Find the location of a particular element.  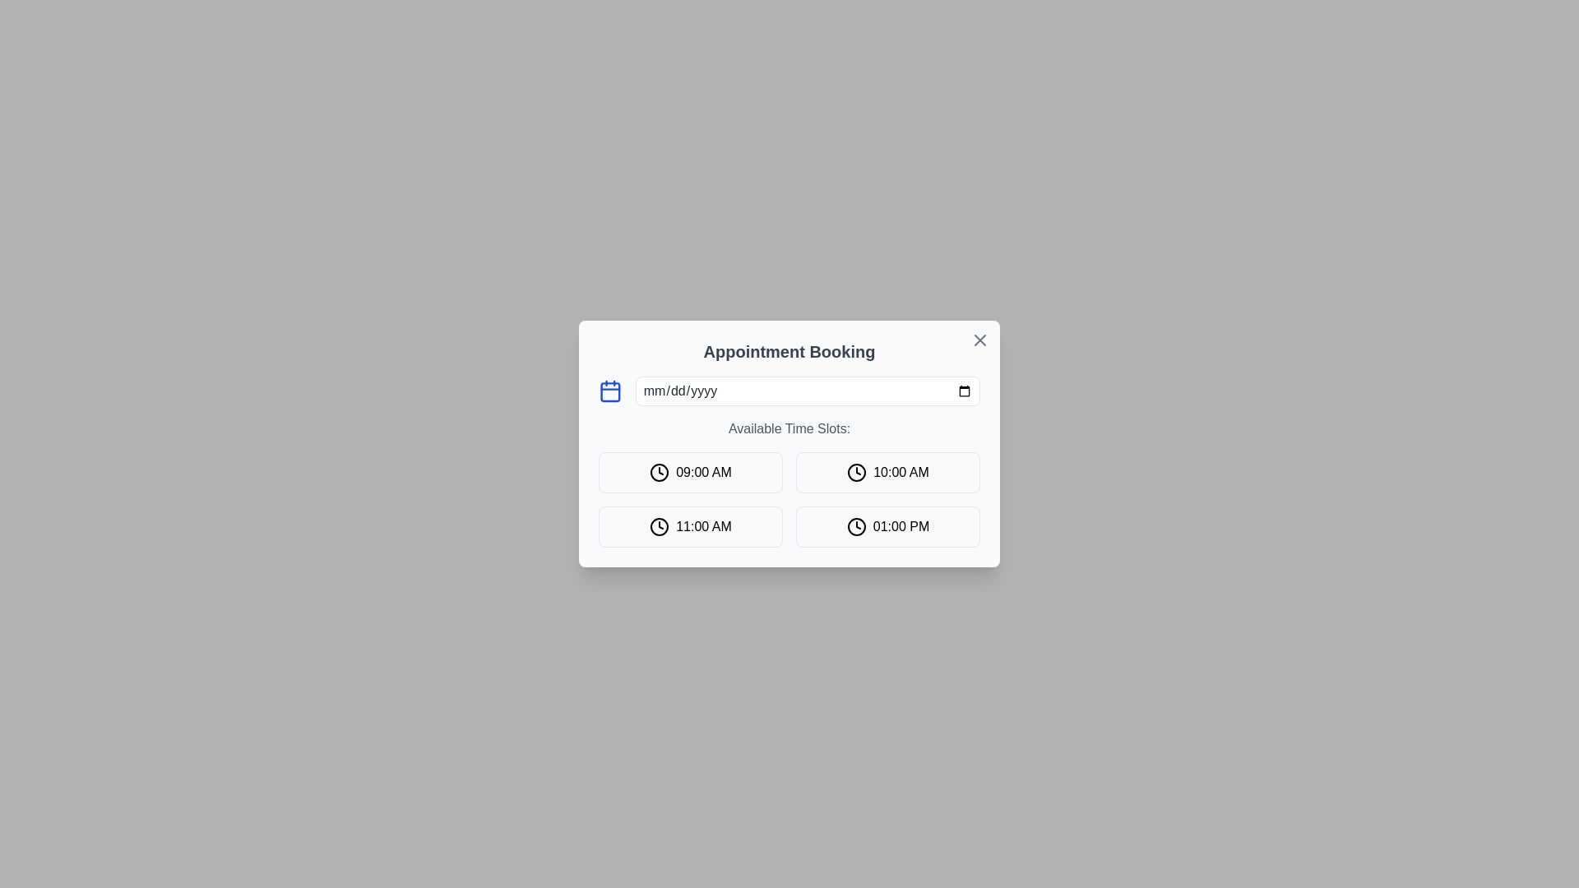

the SVG clock icon with a black border on a gray background, positioned next to the text '01:00 PM' in the bottom right of the appointment booking interface is located at coordinates (855, 526).